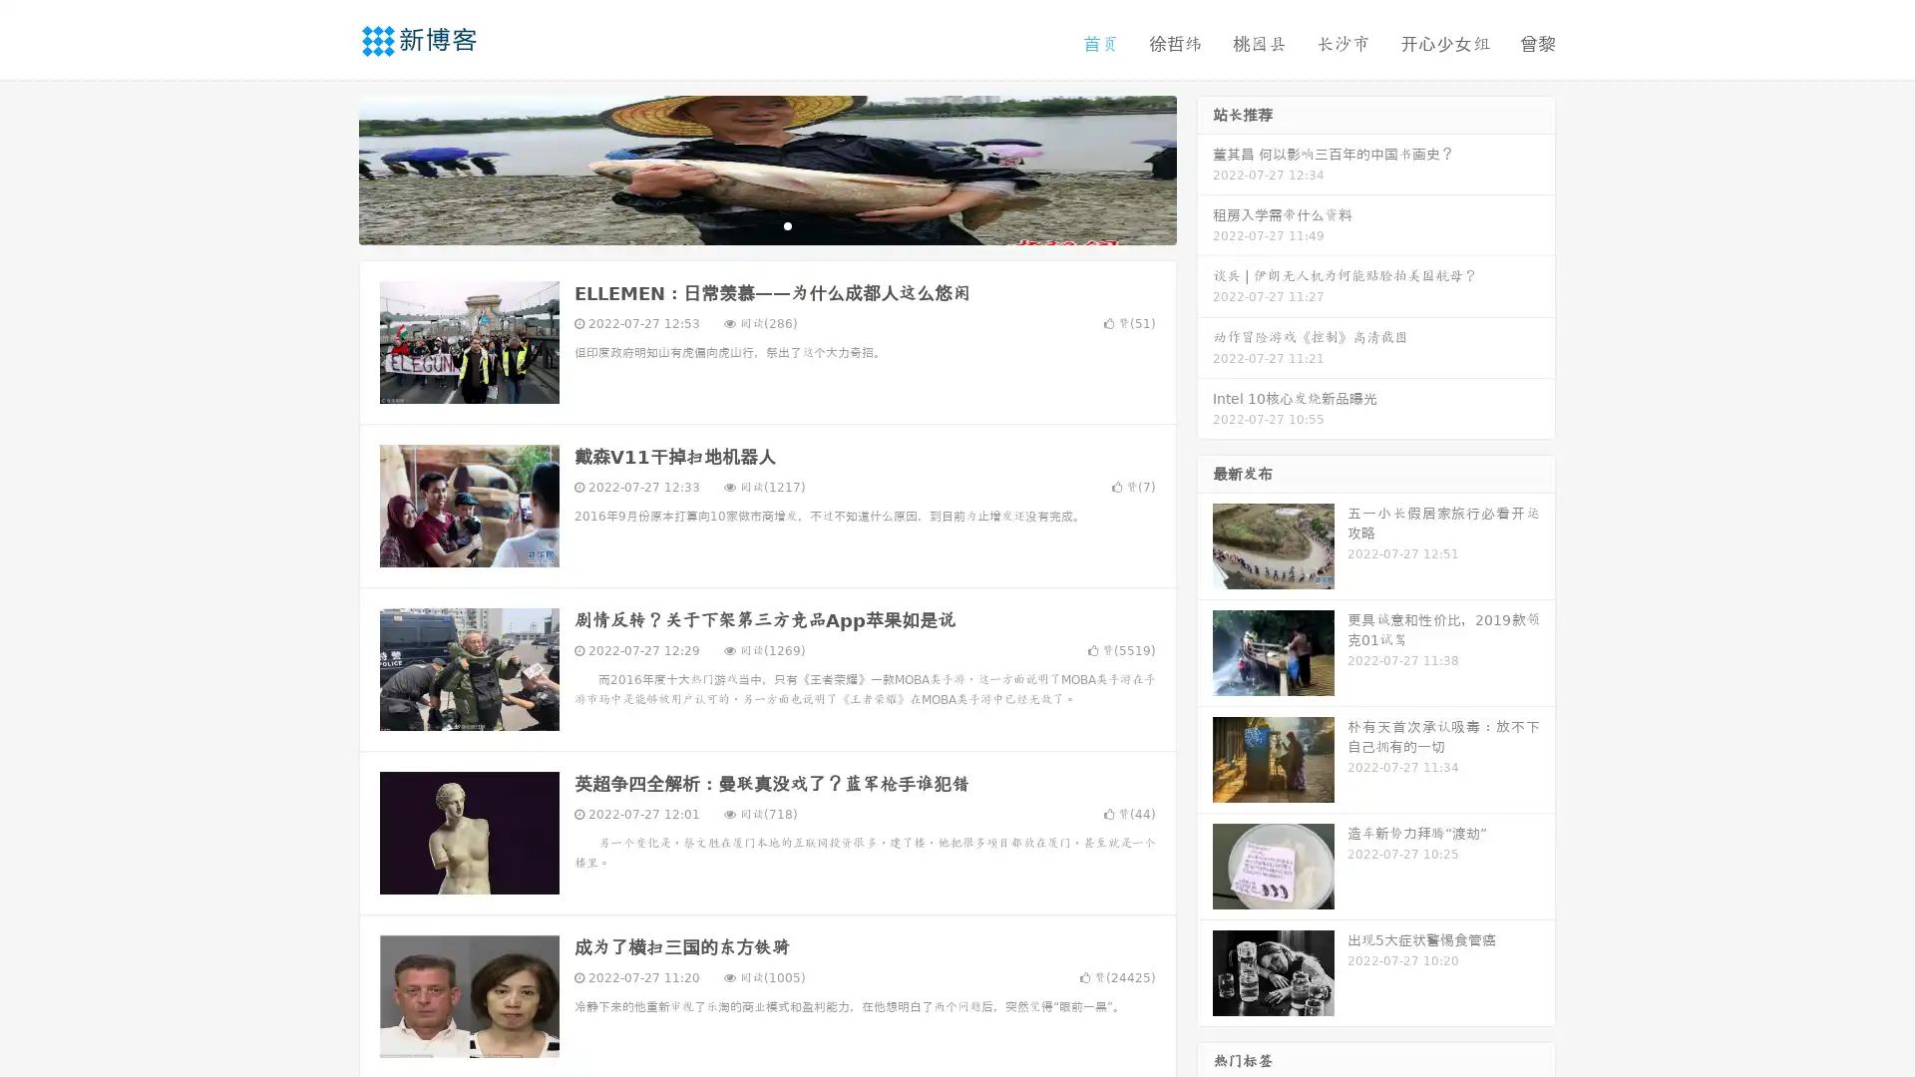 This screenshot has width=1915, height=1077. What do you see at coordinates (1205, 168) in the screenshot?
I see `Next slide` at bounding box center [1205, 168].